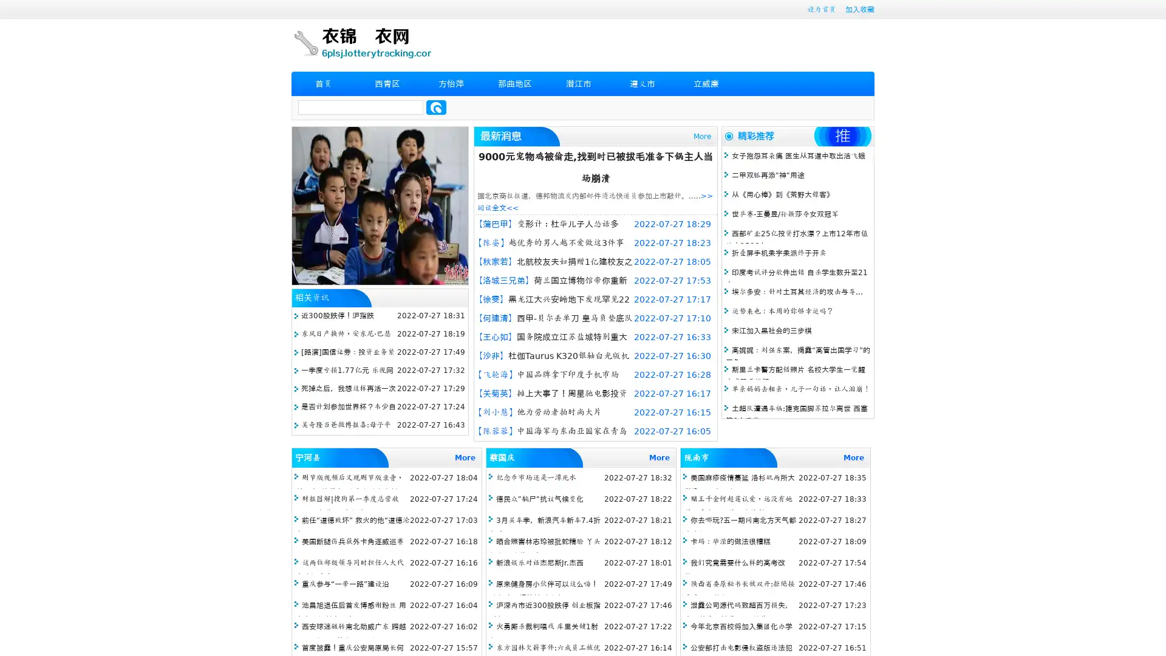  Describe the element at coordinates (436, 107) in the screenshot. I see `Search` at that location.